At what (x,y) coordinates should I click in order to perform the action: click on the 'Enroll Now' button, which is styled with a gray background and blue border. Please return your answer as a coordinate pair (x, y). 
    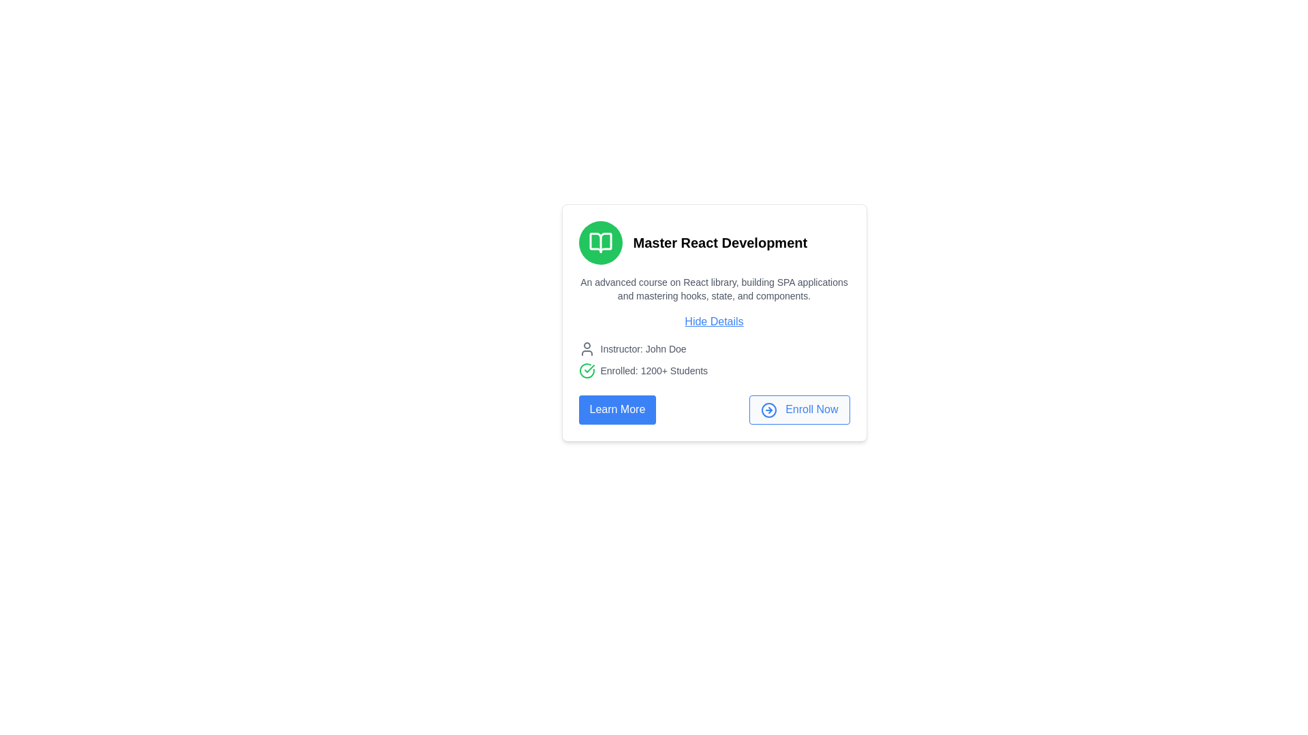
    Looking at the image, I should click on (799, 409).